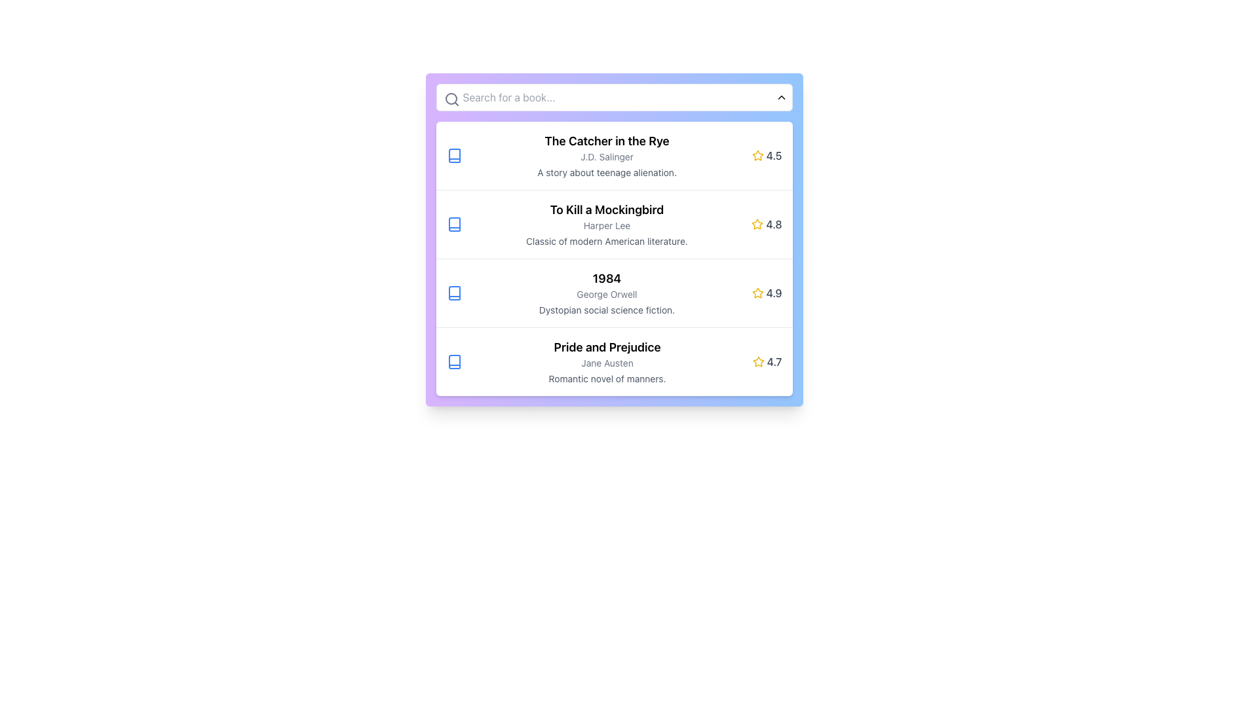 This screenshot has width=1258, height=707. Describe the element at coordinates (767, 155) in the screenshot. I see `the Rating Display element featuring a golden star icon and a numerical rating of '4.5' for 'The Catcher in the Rye' book list item` at that location.